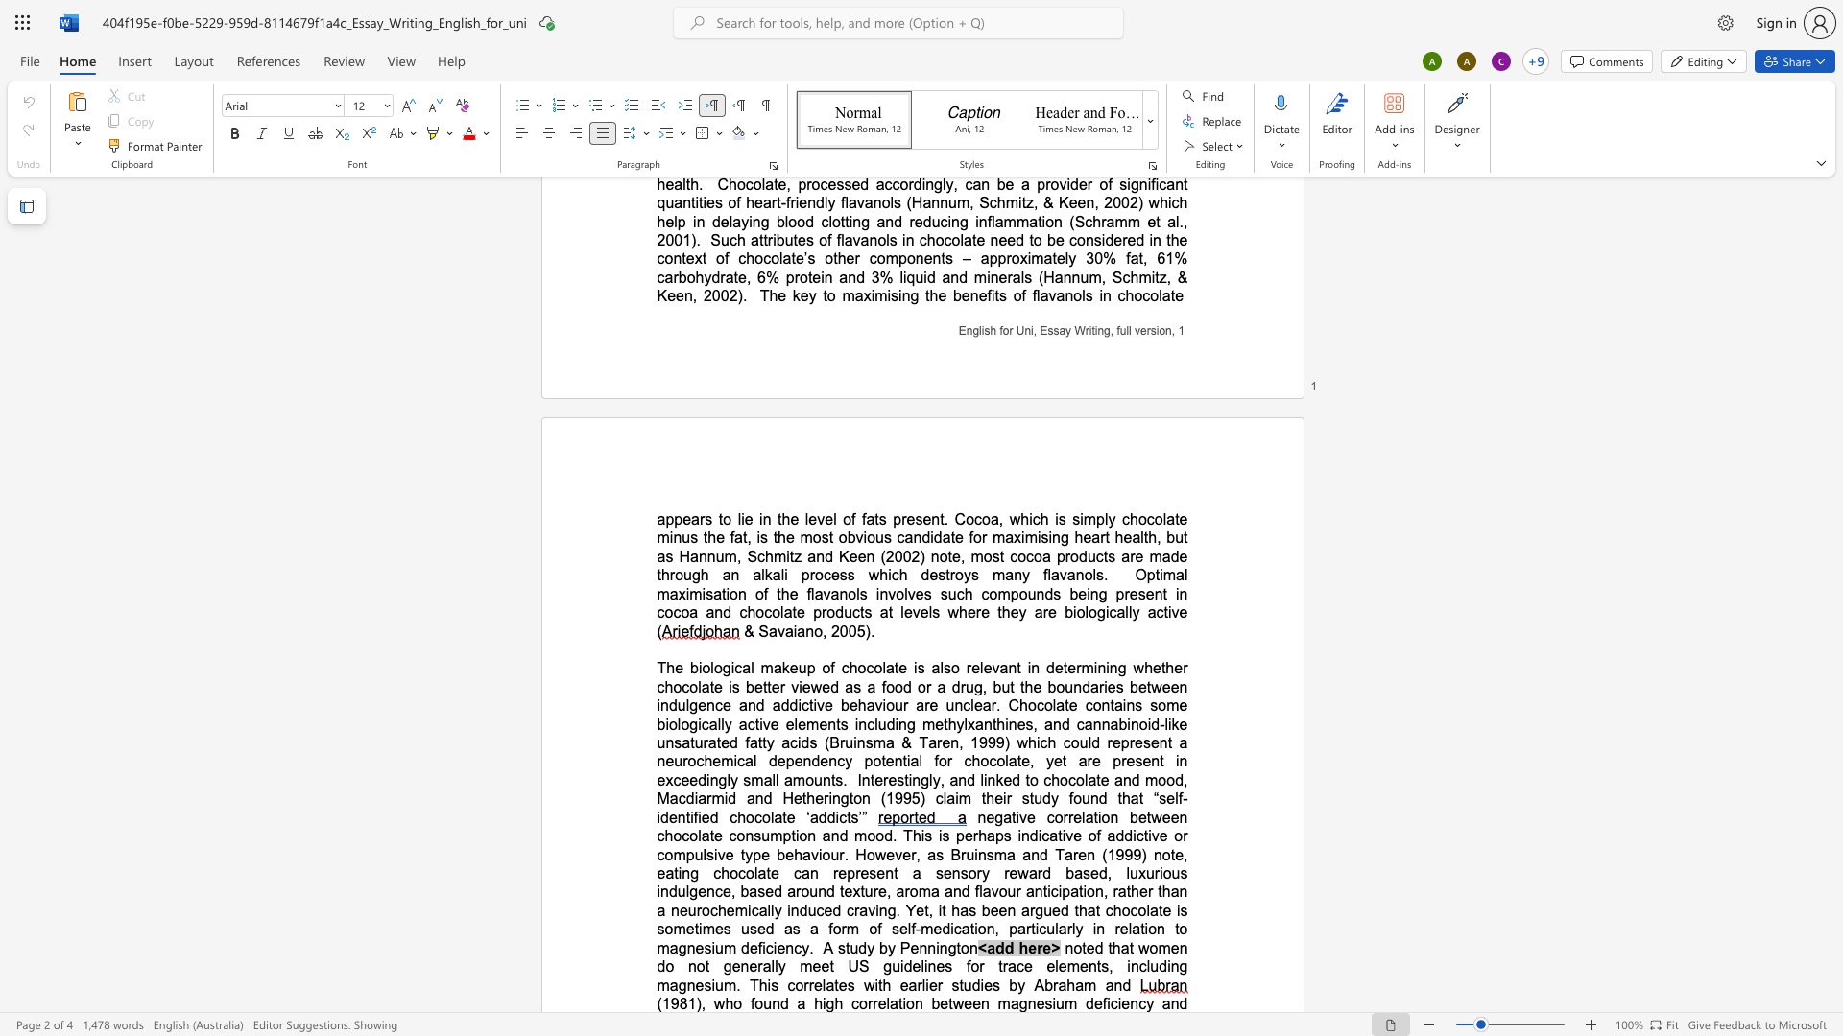  I want to click on the space between the continuous character "a" and "y" in the text, so click(740, 221).